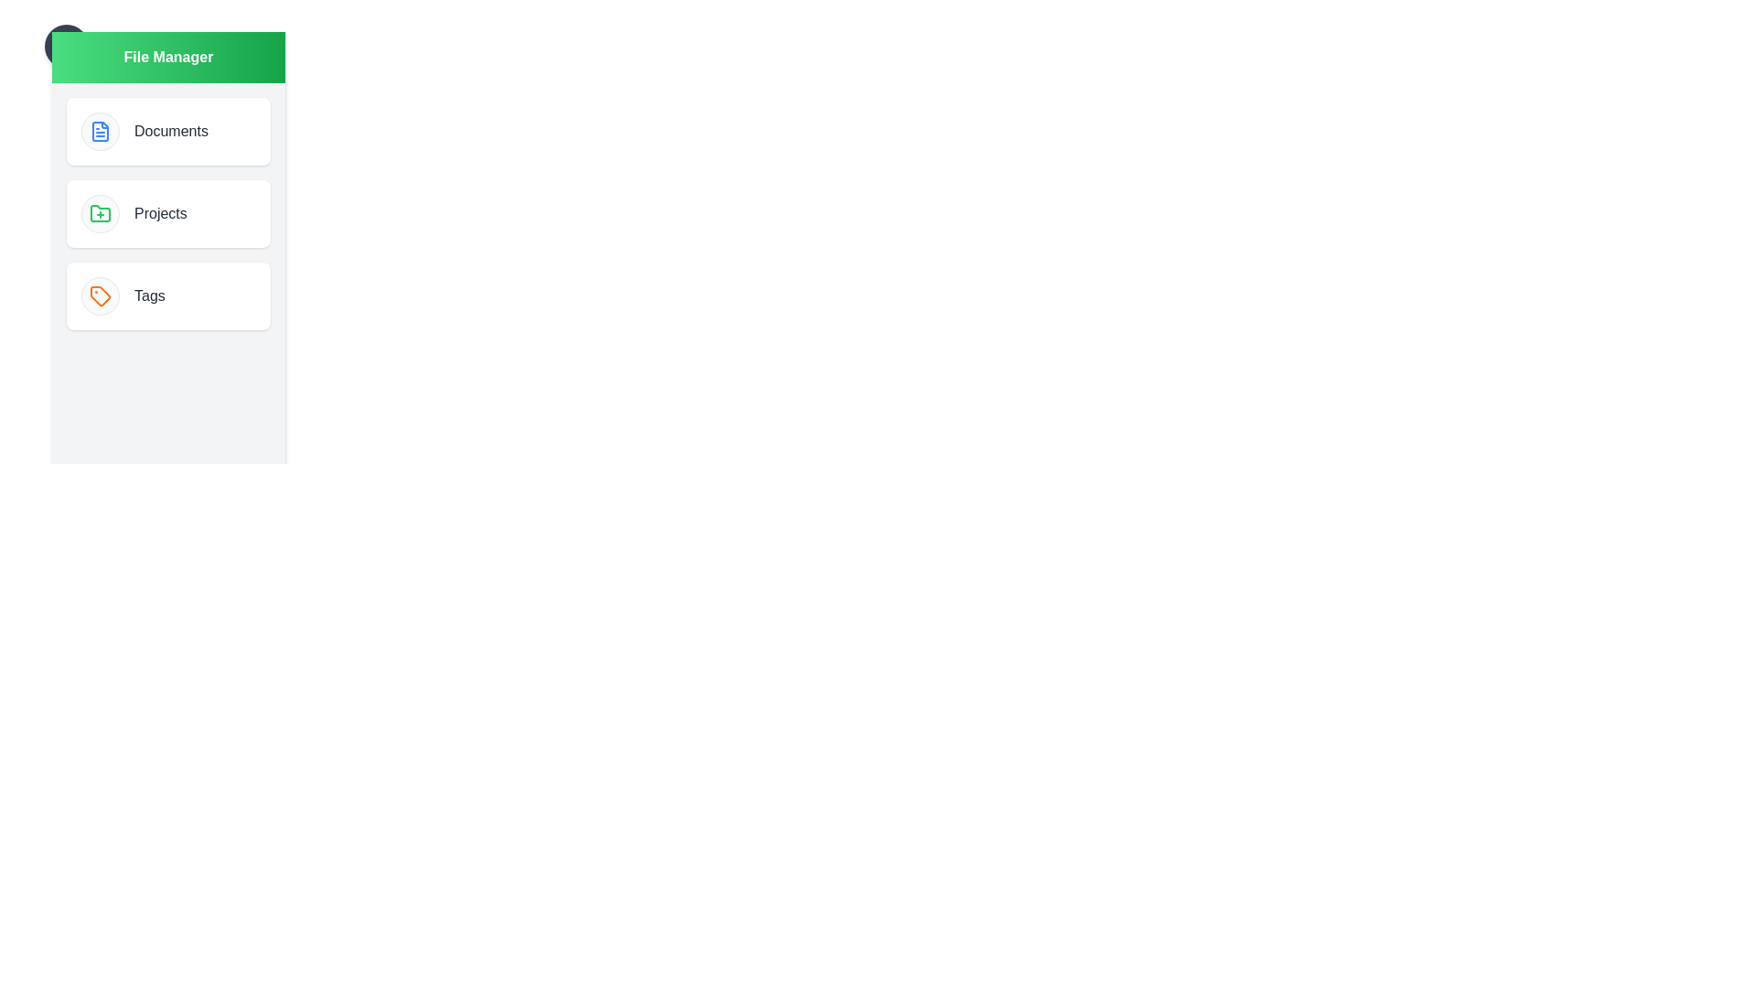 This screenshot has height=988, width=1756. Describe the element at coordinates (168, 295) in the screenshot. I see `the directory item Tags to observe the hover effect` at that location.